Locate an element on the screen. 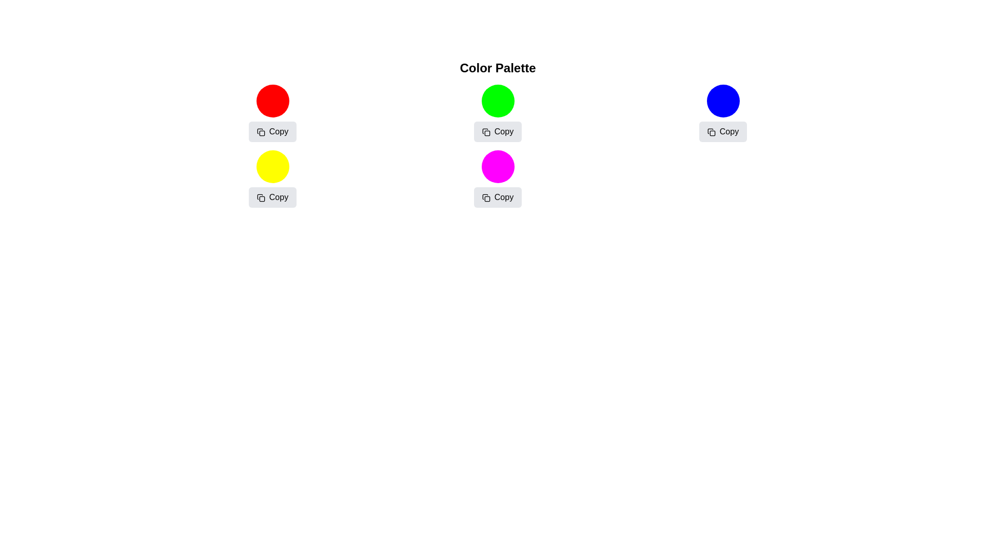 This screenshot has width=985, height=554. the clipboard icon located to the left of the 'Copy' text within its button, which has a light gray background and rounded corners is located at coordinates (485, 131).